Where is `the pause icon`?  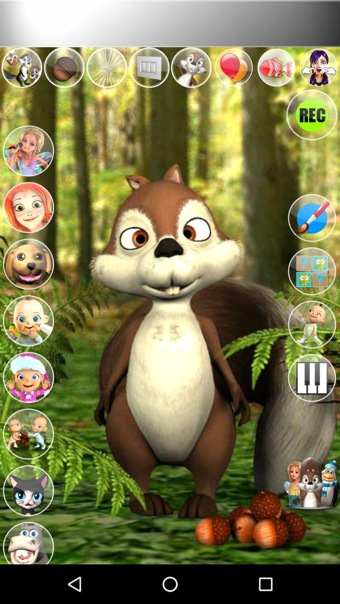 the pause icon is located at coordinates (312, 404).